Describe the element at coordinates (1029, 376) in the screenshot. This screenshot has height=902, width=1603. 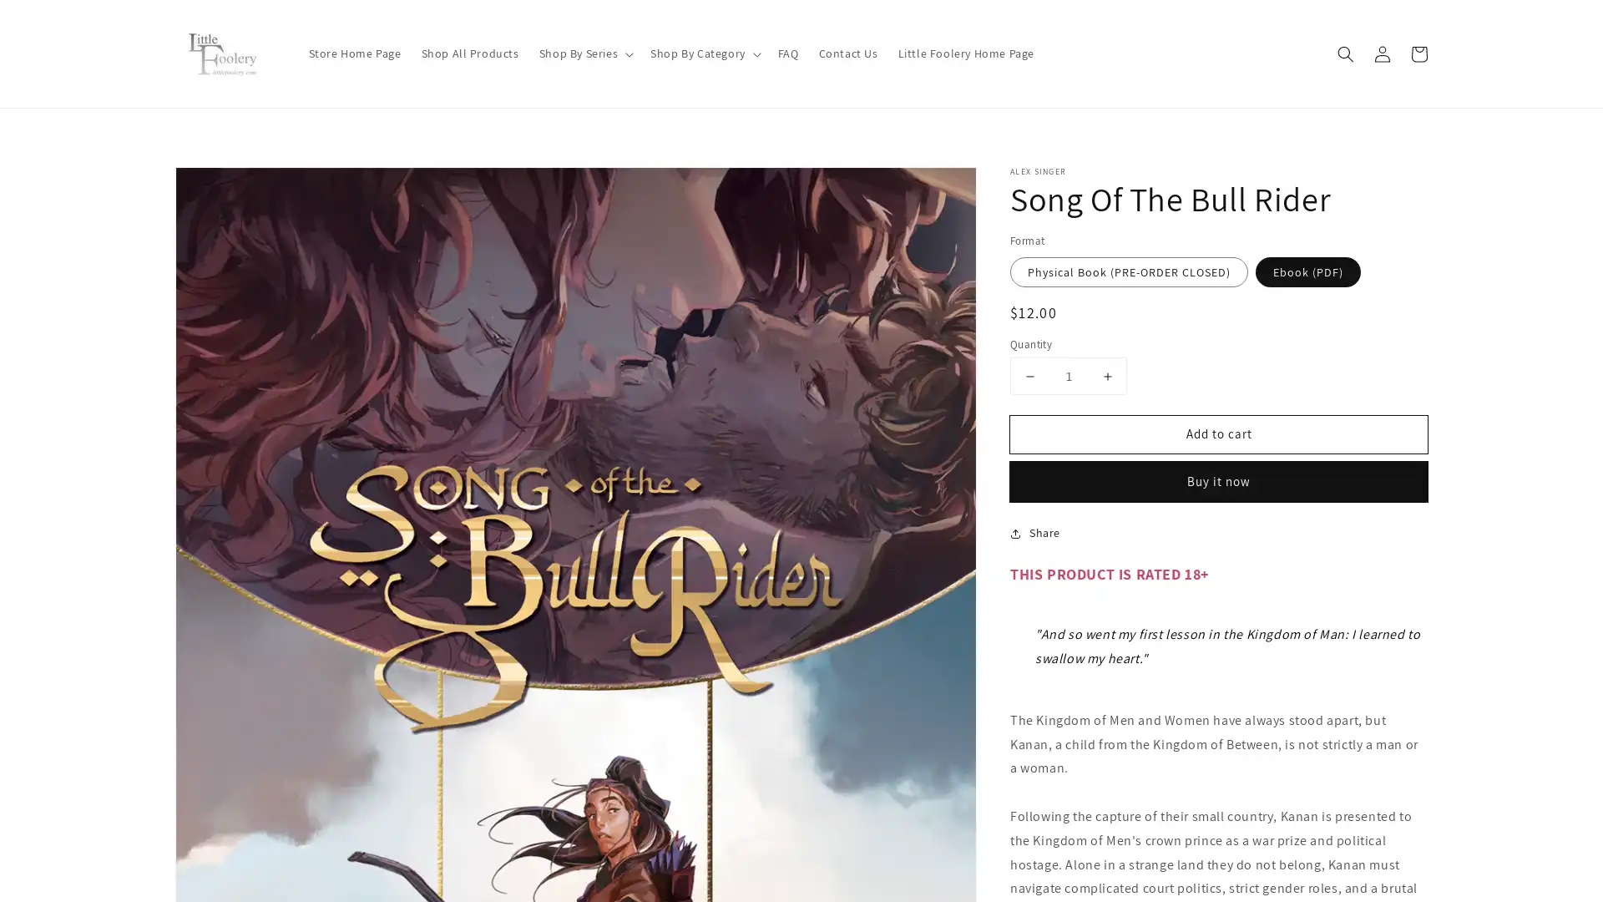
I see `Decrease quantity for Song Of The Bull Rider` at that location.